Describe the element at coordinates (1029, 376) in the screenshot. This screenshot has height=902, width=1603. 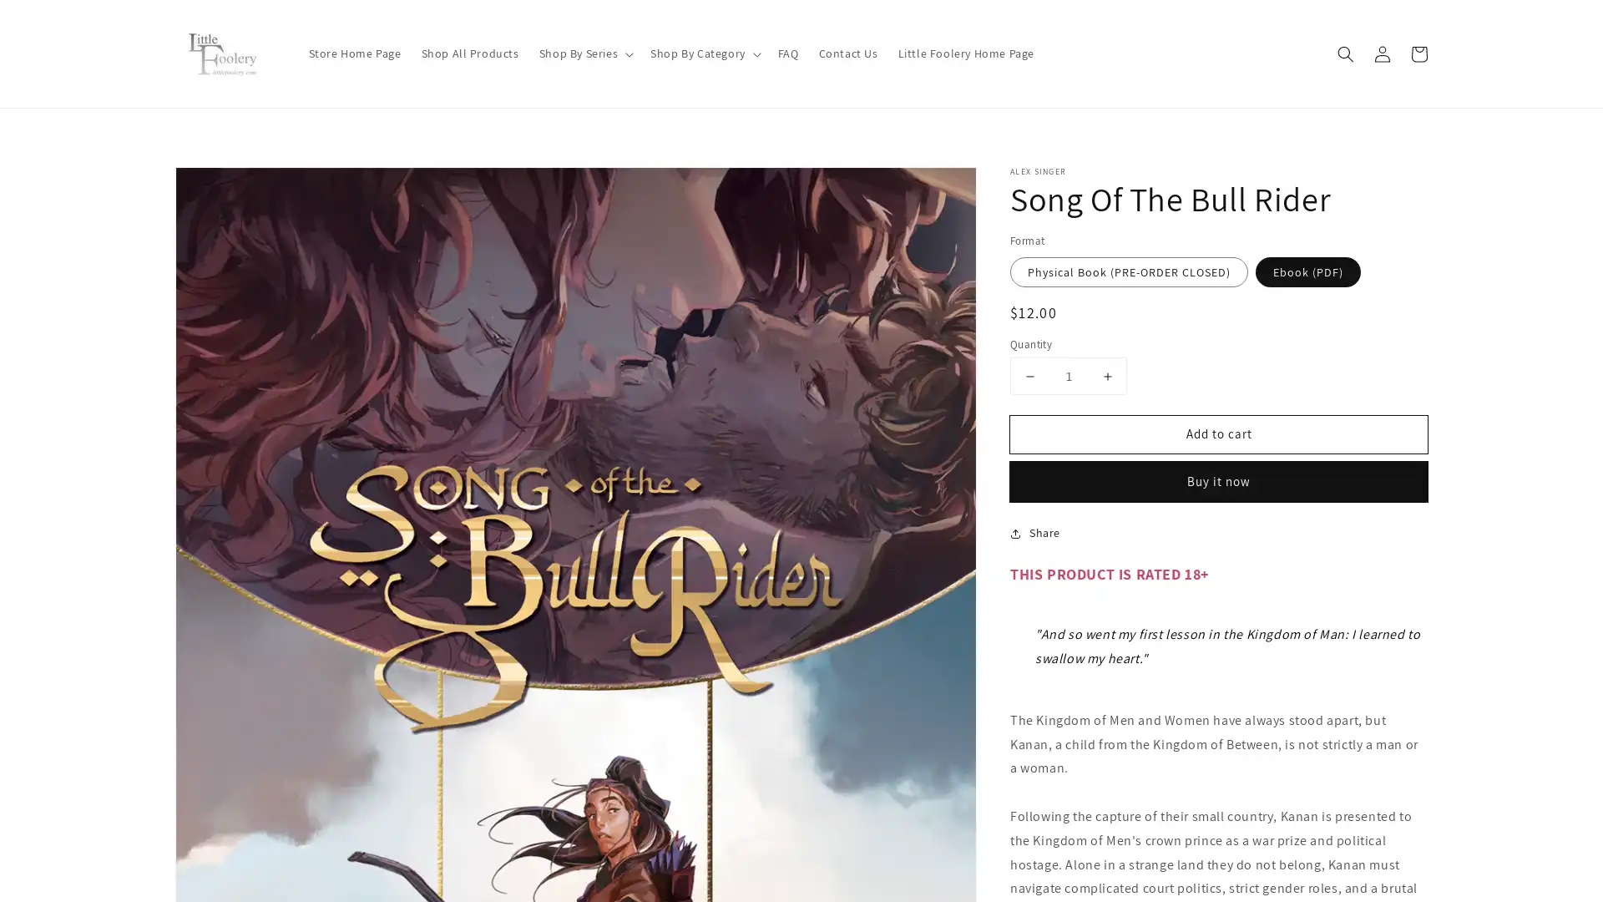
I see `Decrease quantity for Song Of The Bull Rider` at that location.